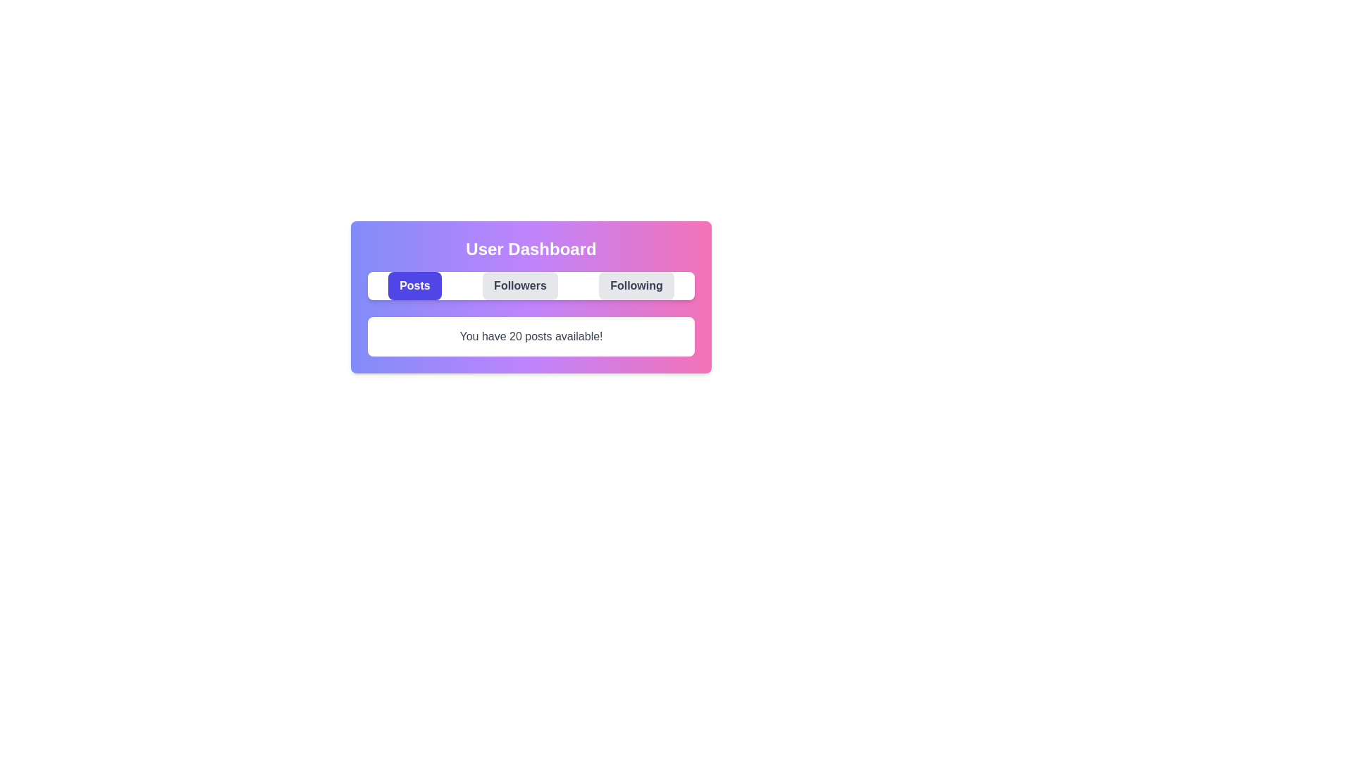 Image resolution: width=1353 pixels, height=761 pixels. I want to click on the 'Followers' button, which is styled with a light gray background and dark gray text, located in the middle of a horizontal row of buttons within the user dashboard, so click(530, 296).